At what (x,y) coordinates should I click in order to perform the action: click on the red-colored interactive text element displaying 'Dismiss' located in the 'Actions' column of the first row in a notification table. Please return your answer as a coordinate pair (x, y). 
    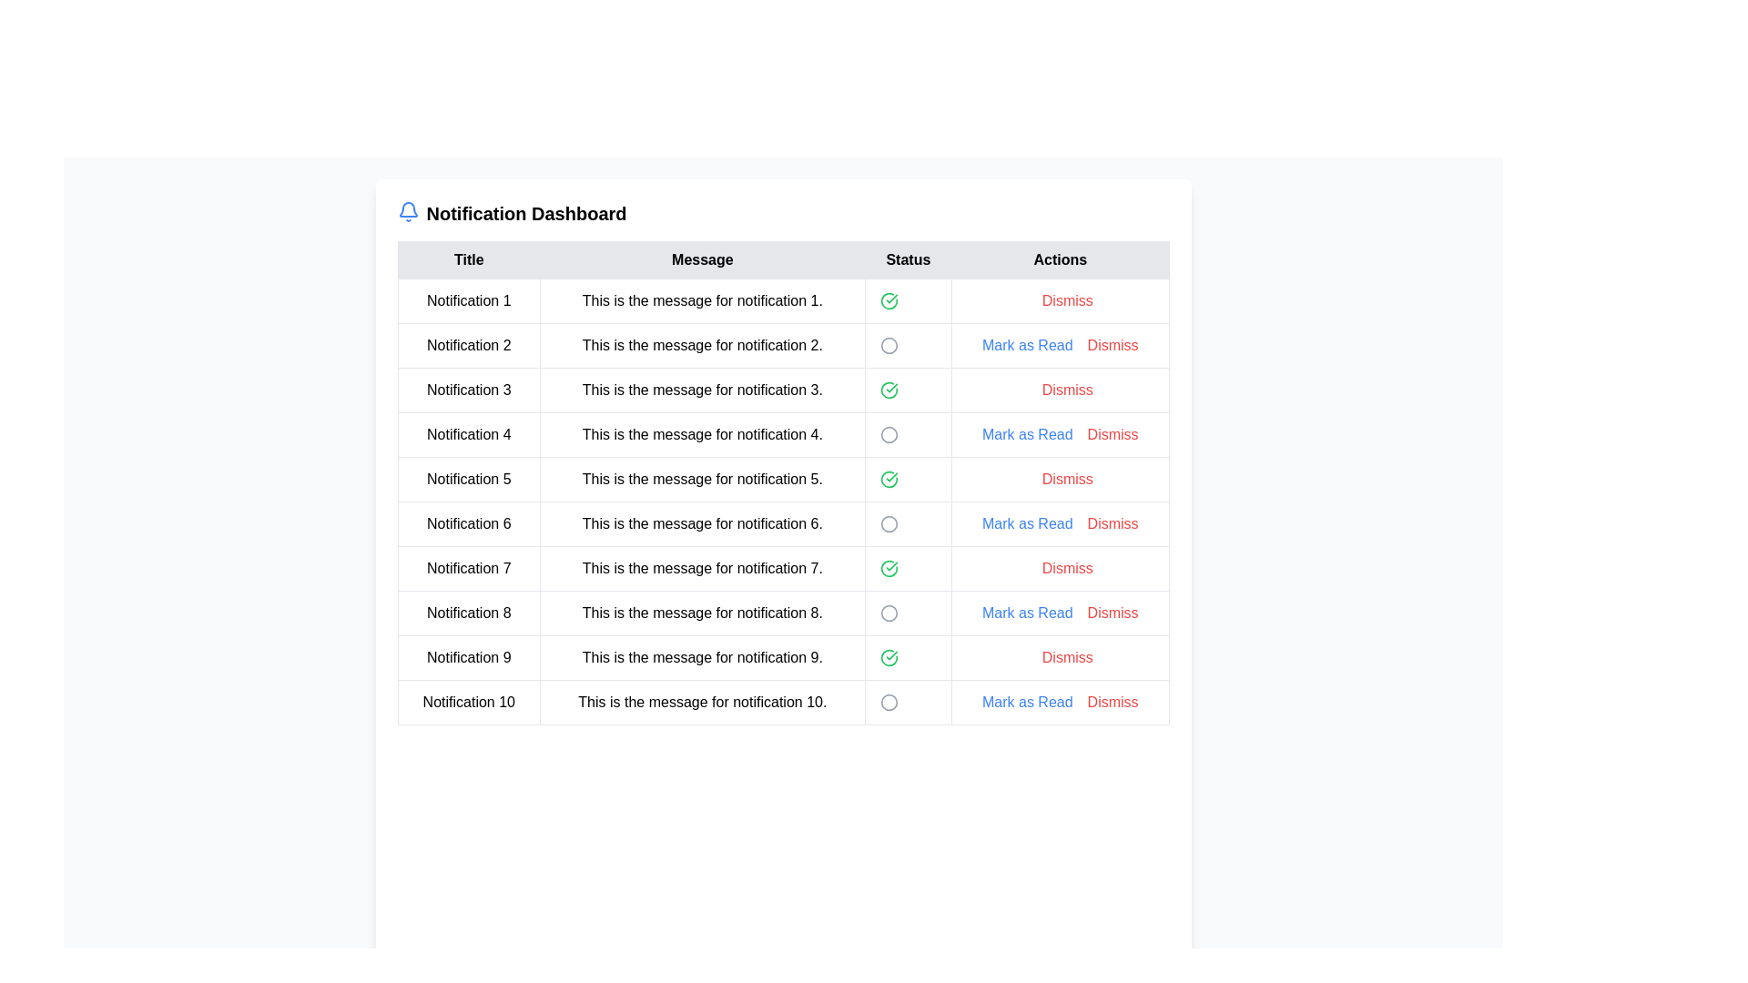
    Looking at the image, I should click on (1060, 300).